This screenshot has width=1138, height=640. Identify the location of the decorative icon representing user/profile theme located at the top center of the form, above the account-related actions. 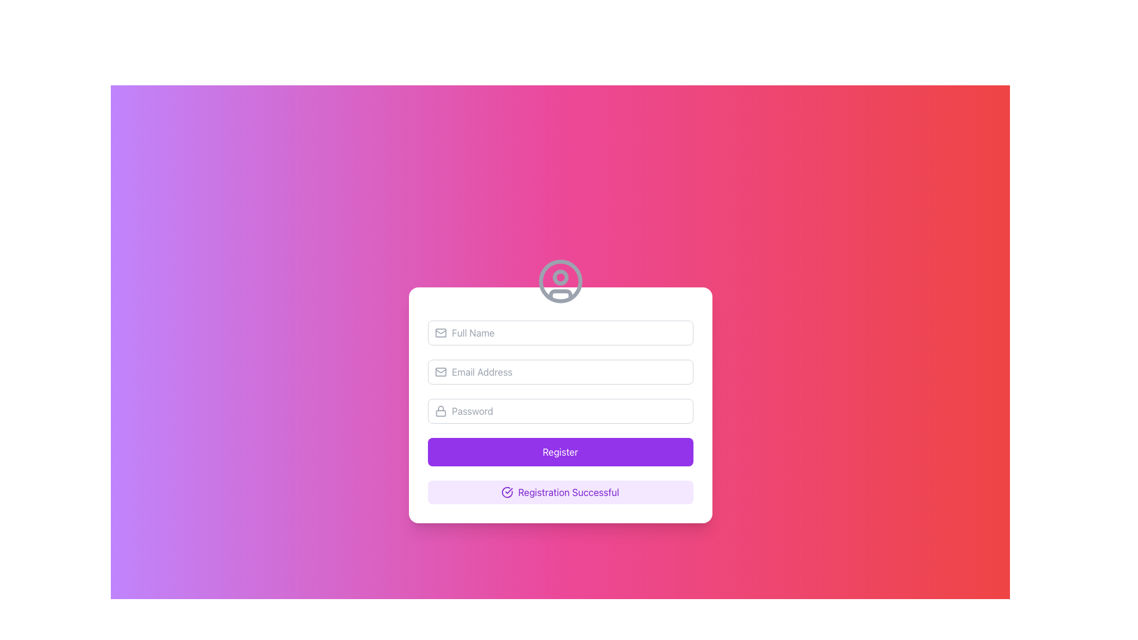
(560, 281).